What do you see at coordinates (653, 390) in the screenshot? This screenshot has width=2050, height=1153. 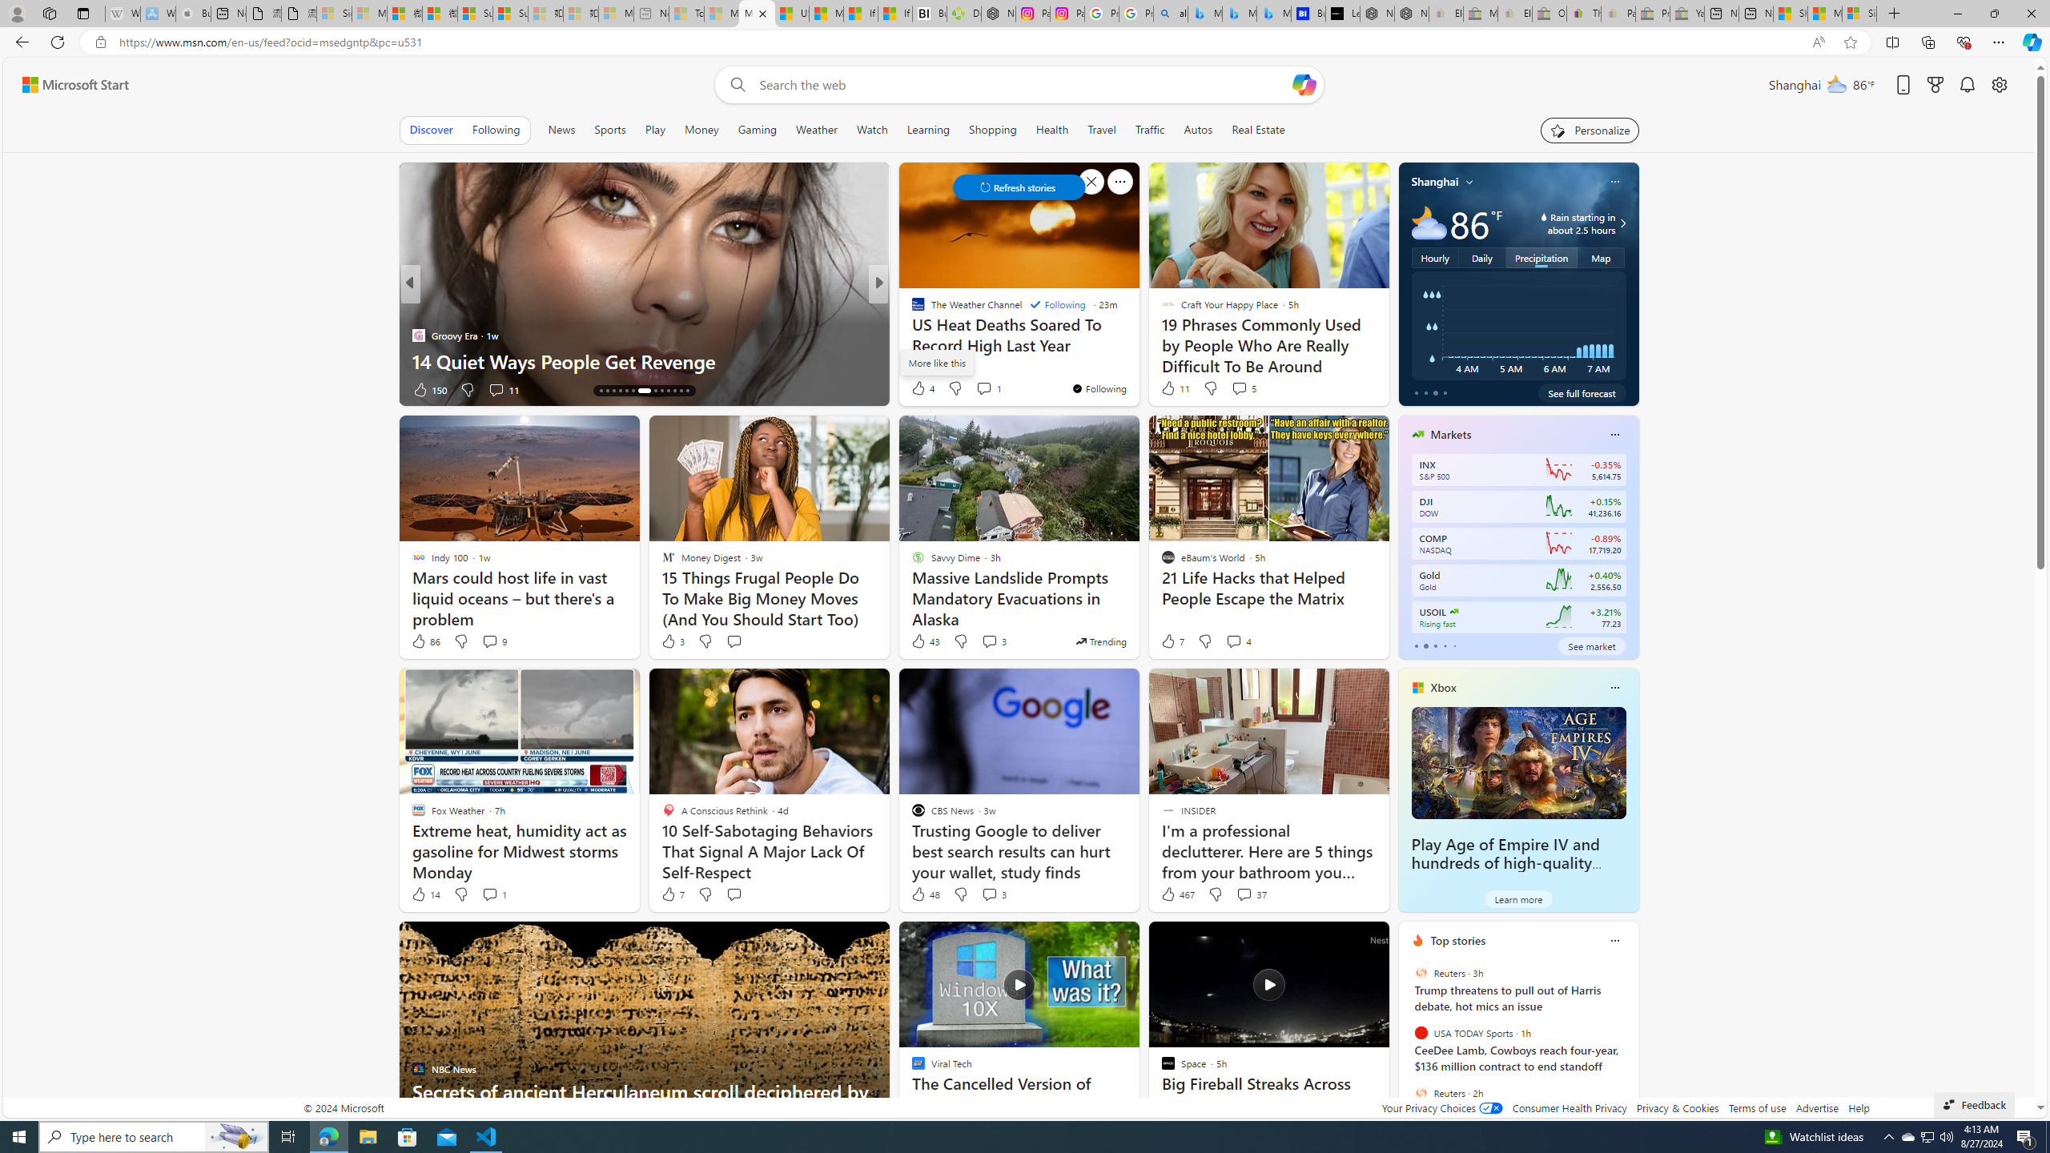 I see `'AutomationID: tab-21'` at bounding box center [653, 390].